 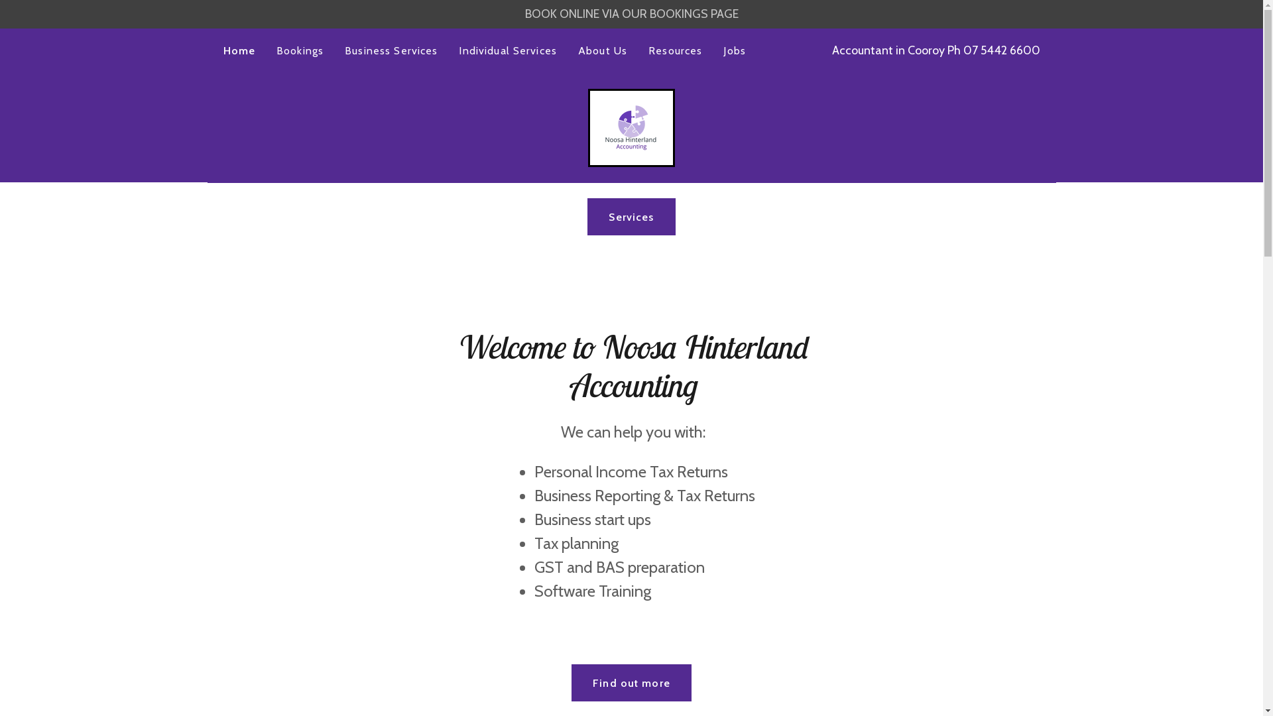 I want to click on 'Individual Services', so click(x=455, y=50).